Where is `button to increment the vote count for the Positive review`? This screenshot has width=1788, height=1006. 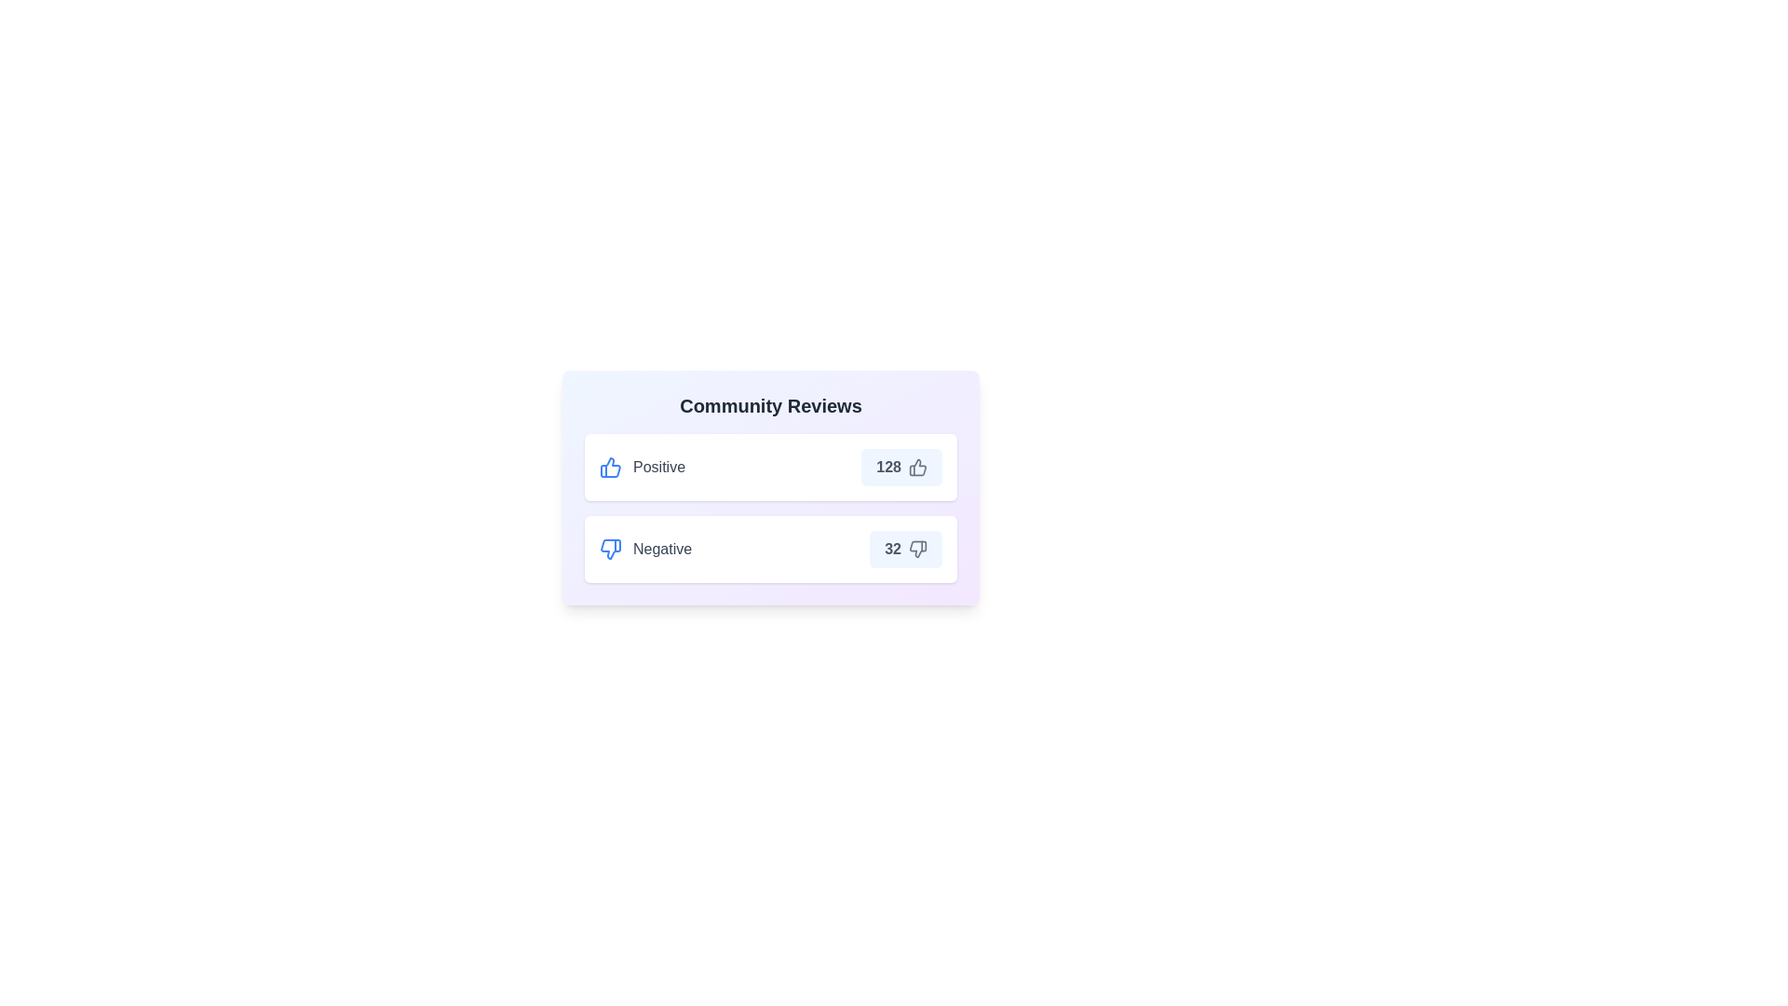
button to increment the vote count for the Positive review is located at coordinates (901, 466).